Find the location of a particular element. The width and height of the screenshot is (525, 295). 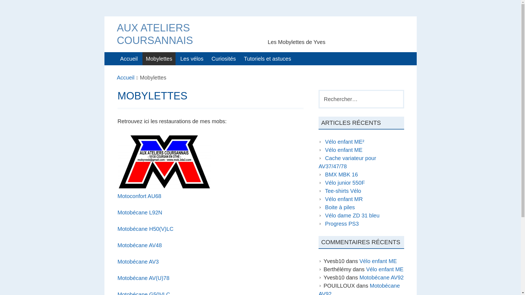

'Motoconfort AU68' is located at coordinates (139, 196).